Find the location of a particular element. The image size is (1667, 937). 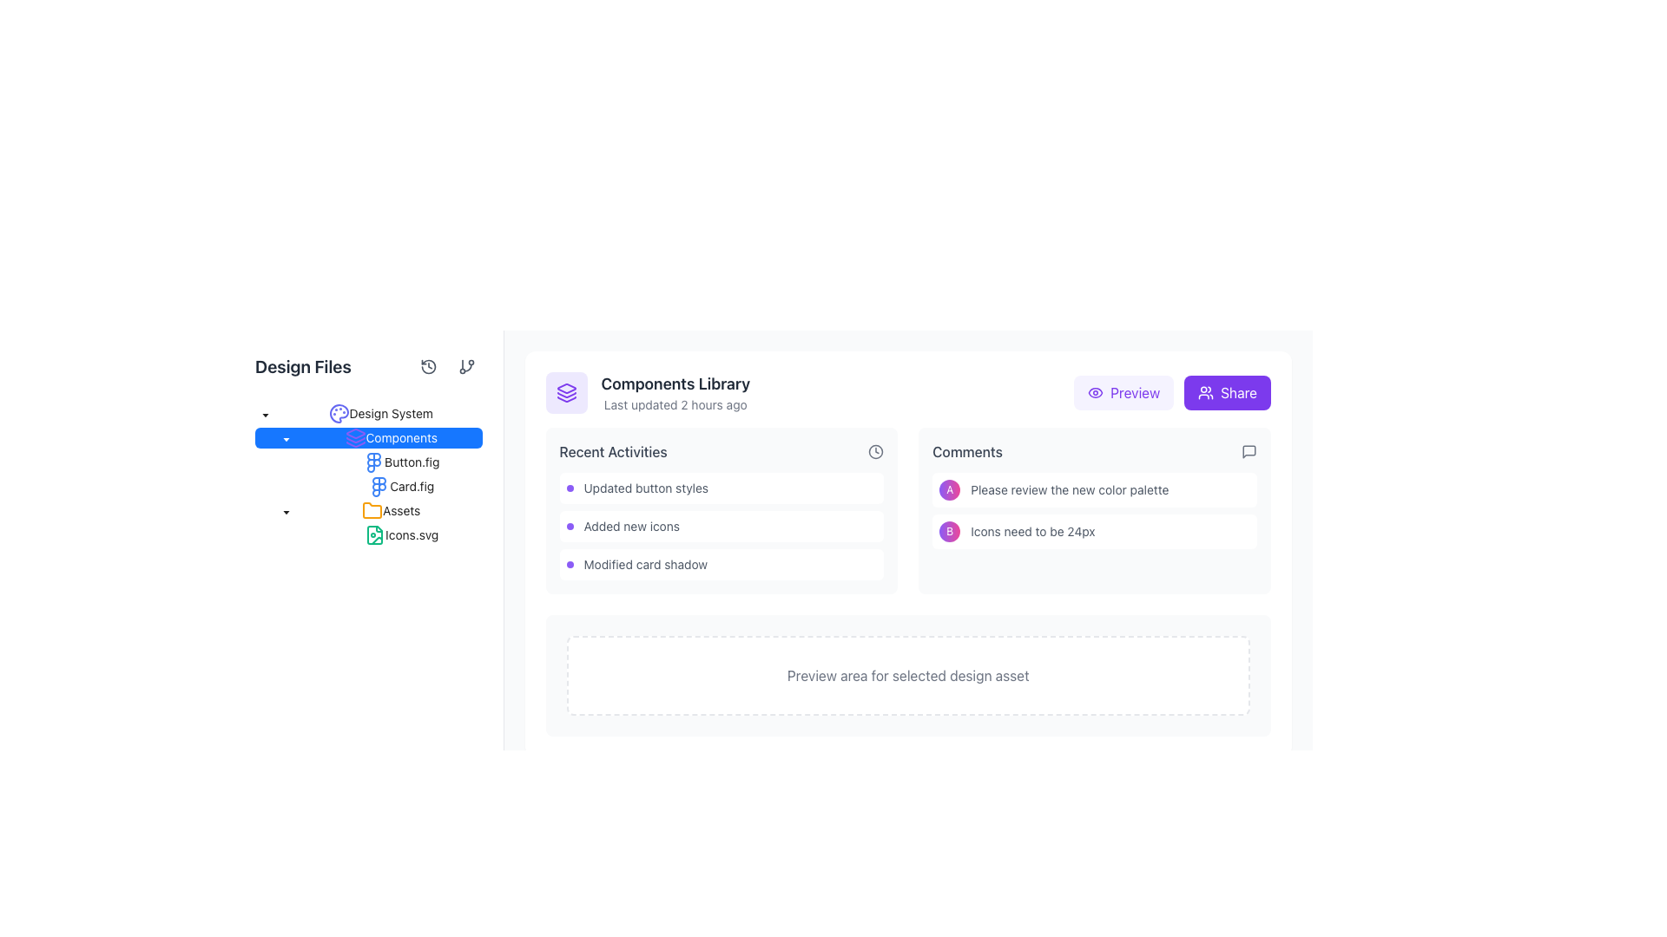

the purple palette icon located is located at coordinates (339, 414).